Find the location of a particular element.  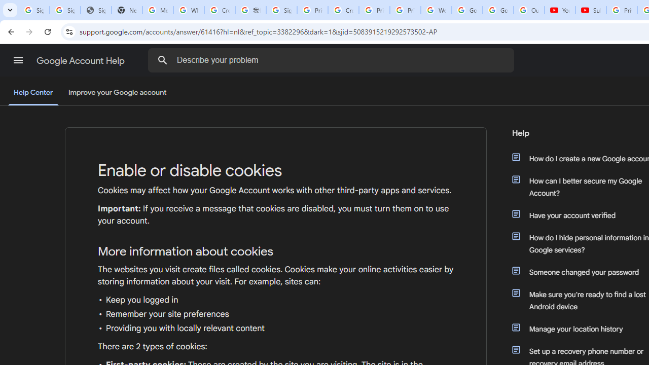

'Describe your problem' is located at coordinates (333, 60).